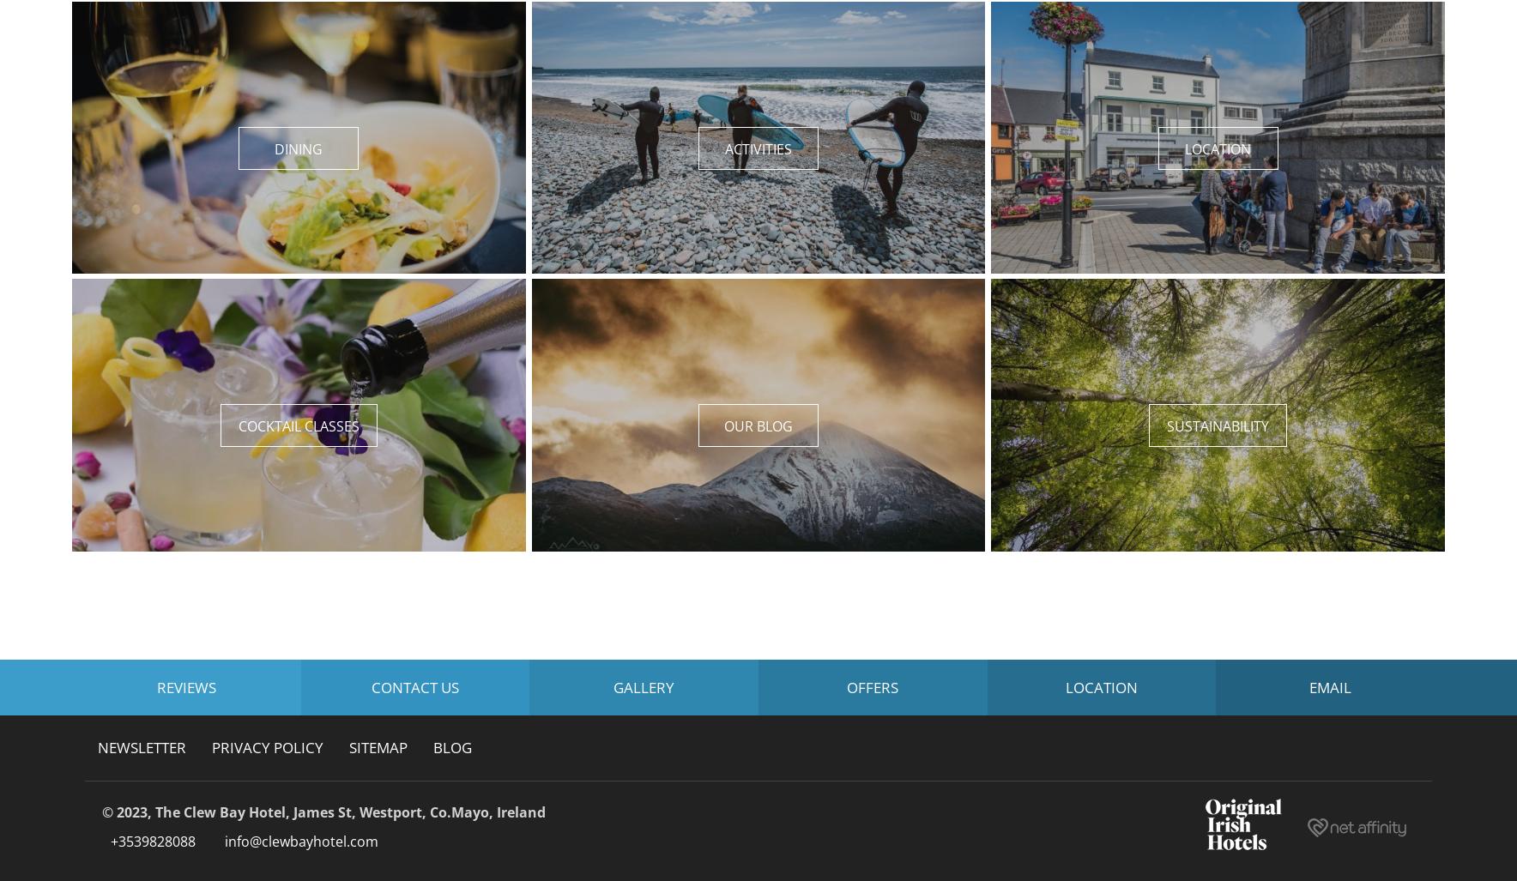 This screenshot has width=1517, height=881. Describe the element at coordinates (414, 686) in the screenshot. I see `'Contact Us'` at that location.